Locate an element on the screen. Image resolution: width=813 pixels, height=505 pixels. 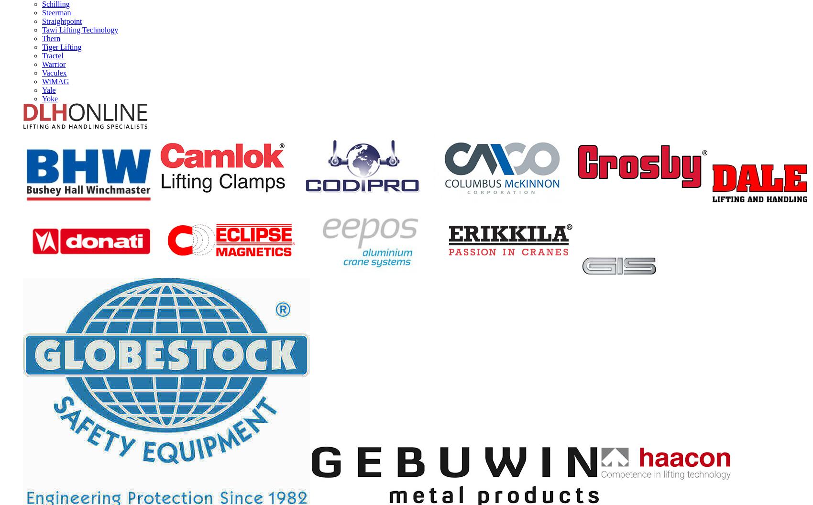
'Yale' is located at coordinates (49, 89).